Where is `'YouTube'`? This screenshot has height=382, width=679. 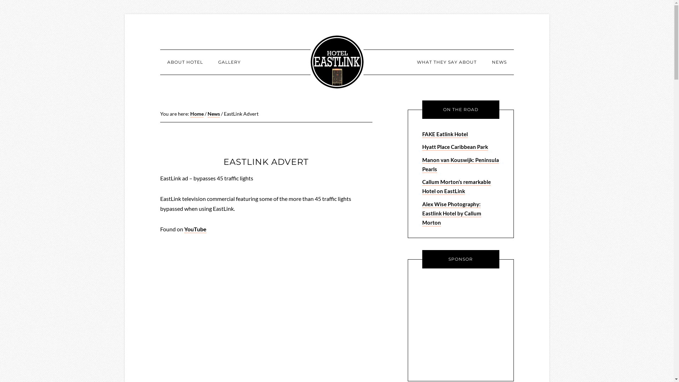
'YouTube' is located at coordinates (184, 229).